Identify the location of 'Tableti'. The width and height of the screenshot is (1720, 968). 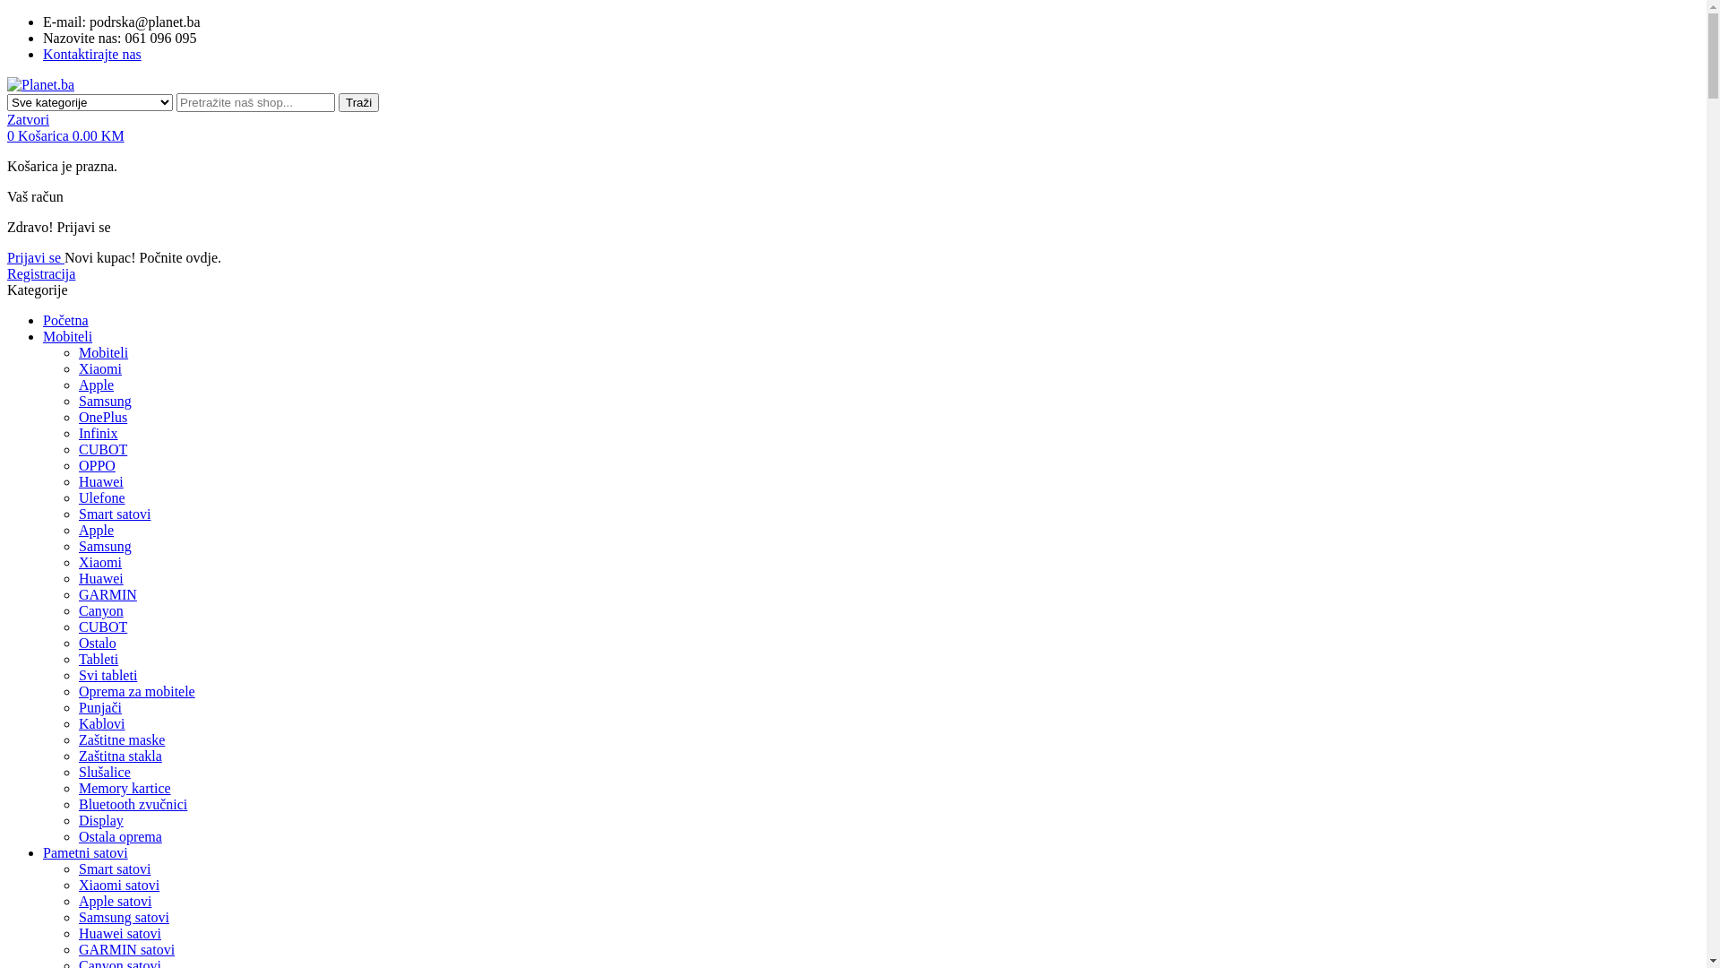
(98, 659).